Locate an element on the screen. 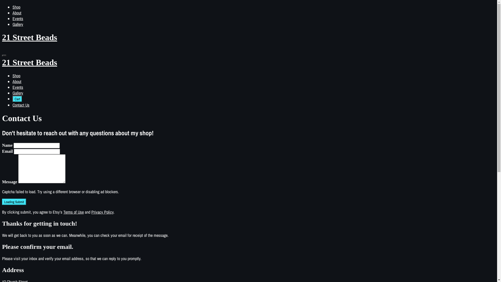 The height and width of the screenshot is (282, 501). 'Contact Us' is located at coordinates (21, 105).